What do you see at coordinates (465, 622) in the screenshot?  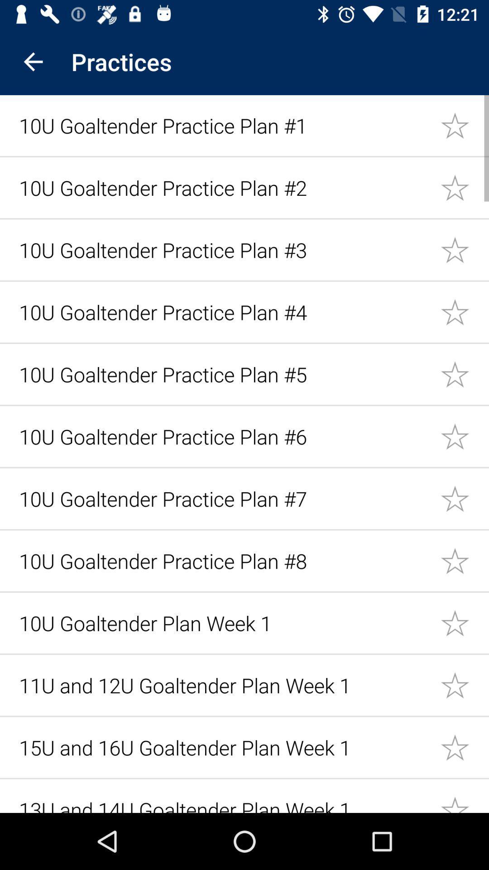 I see `save` at bounding box center [465, 622].